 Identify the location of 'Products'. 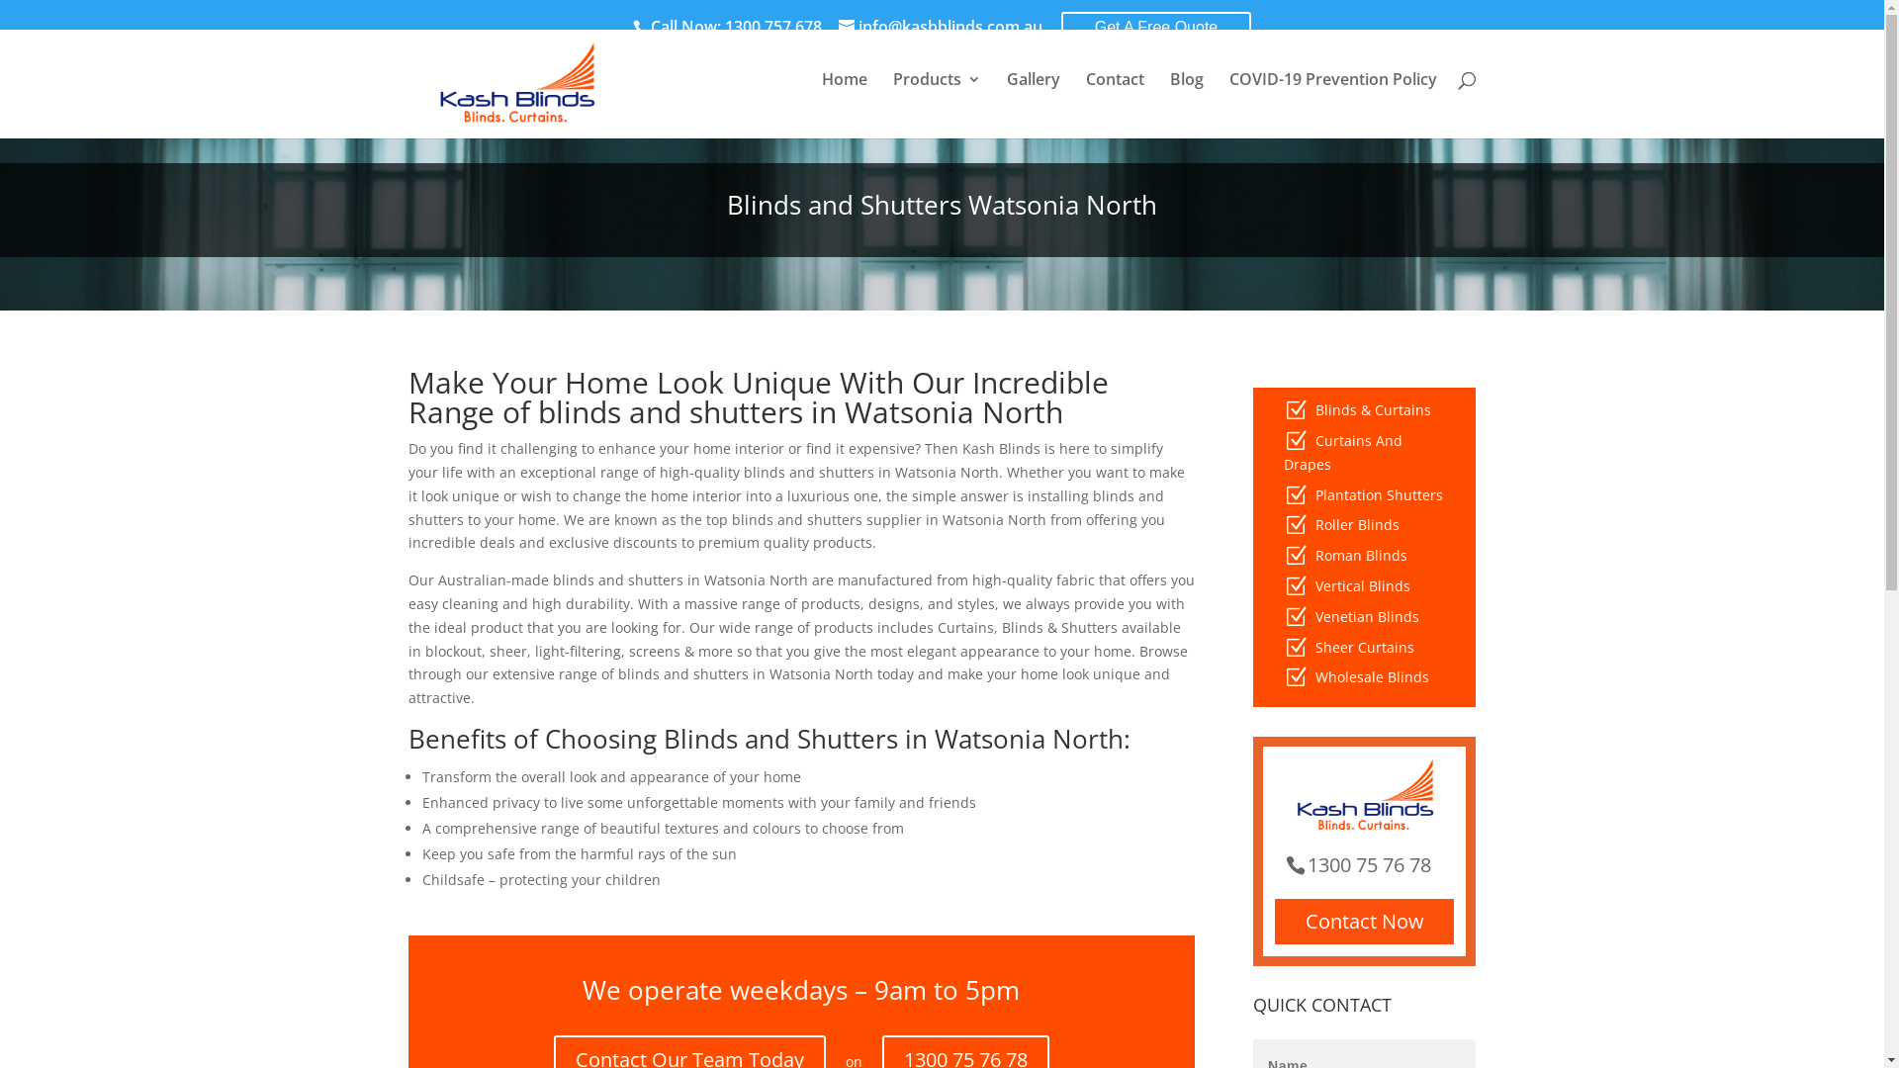
(935, 95).